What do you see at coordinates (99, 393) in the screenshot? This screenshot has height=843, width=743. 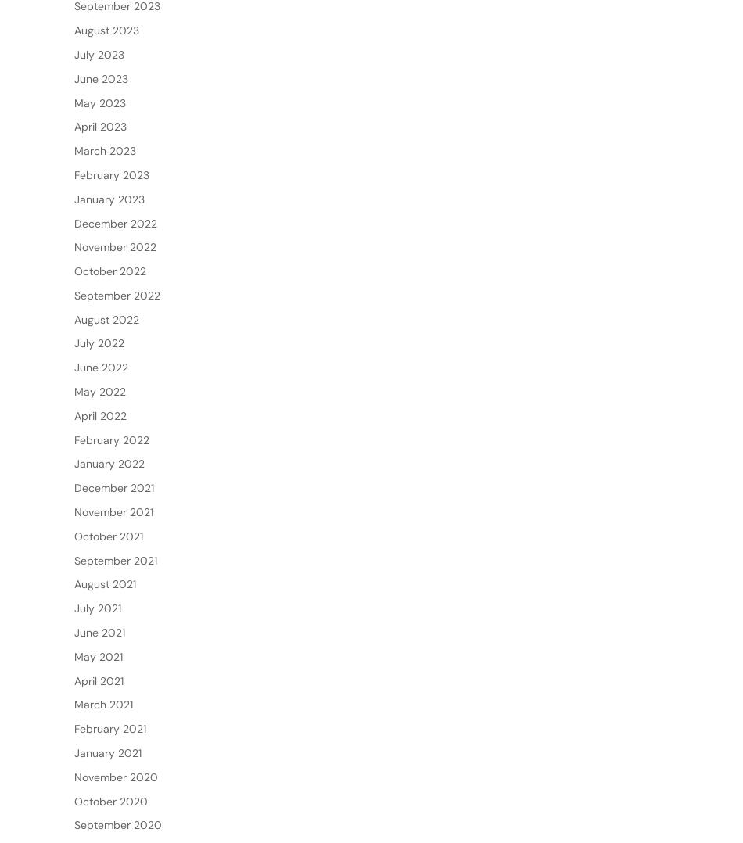 I see `'July 2022'` at bounding box center [99, 393].